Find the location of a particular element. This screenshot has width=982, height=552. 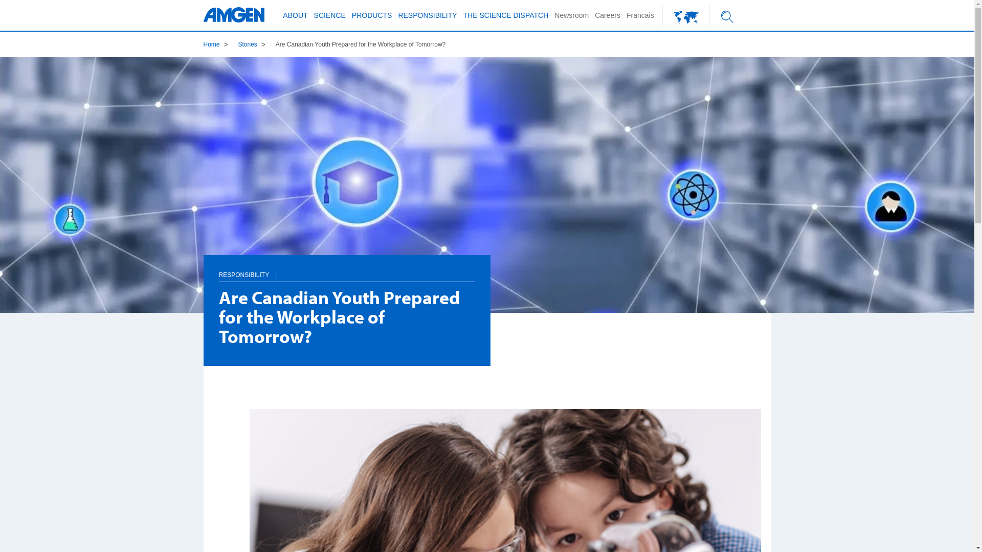

'Francais' is located at coordinates (640, 15).